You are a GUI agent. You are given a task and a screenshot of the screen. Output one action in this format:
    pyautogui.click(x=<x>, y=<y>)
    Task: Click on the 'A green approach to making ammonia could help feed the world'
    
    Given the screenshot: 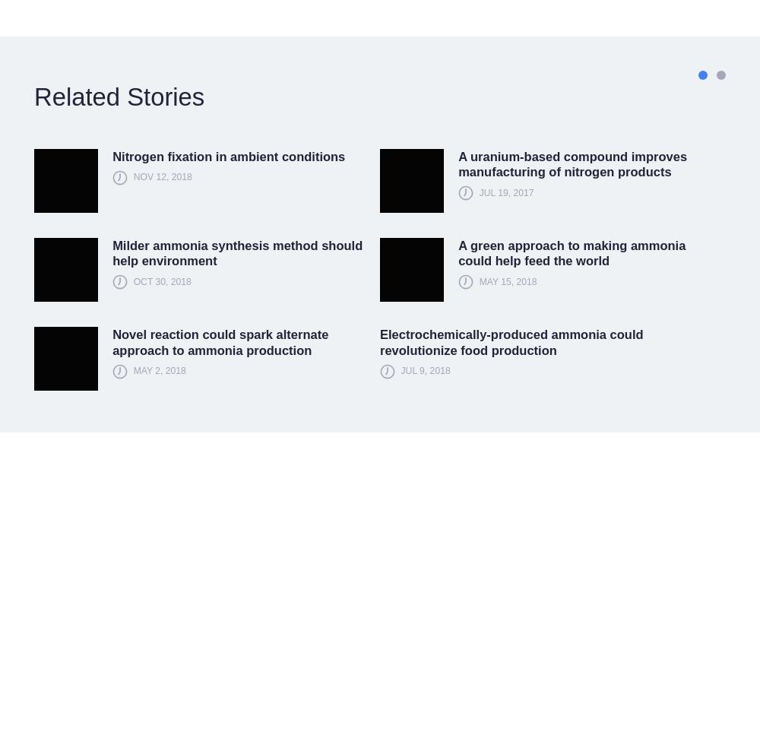 What is the action you would take?
    pyautogui.click(x=572, y=252)
    